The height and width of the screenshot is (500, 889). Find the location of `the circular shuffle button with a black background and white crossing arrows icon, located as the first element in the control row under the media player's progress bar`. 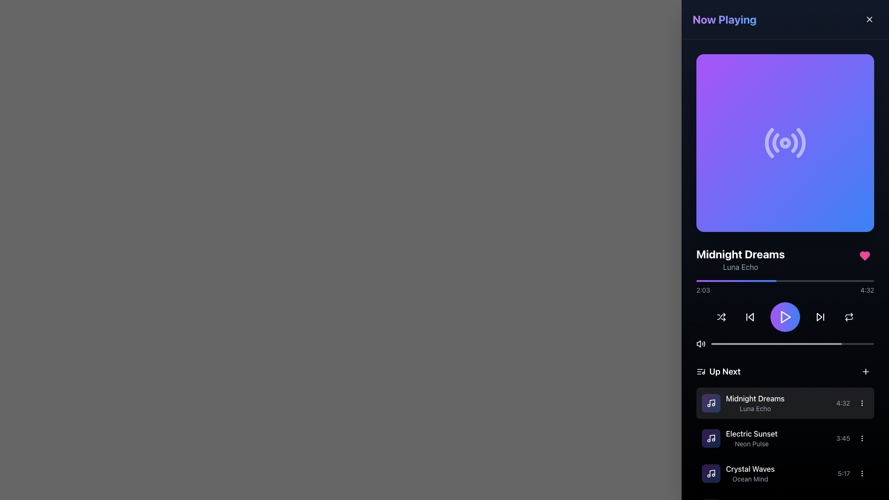

the circular shuffle button with a black background and white crossing arrows icon, located as the first element in the control row under the media player's progress bar is located at coordinates (721, 317).